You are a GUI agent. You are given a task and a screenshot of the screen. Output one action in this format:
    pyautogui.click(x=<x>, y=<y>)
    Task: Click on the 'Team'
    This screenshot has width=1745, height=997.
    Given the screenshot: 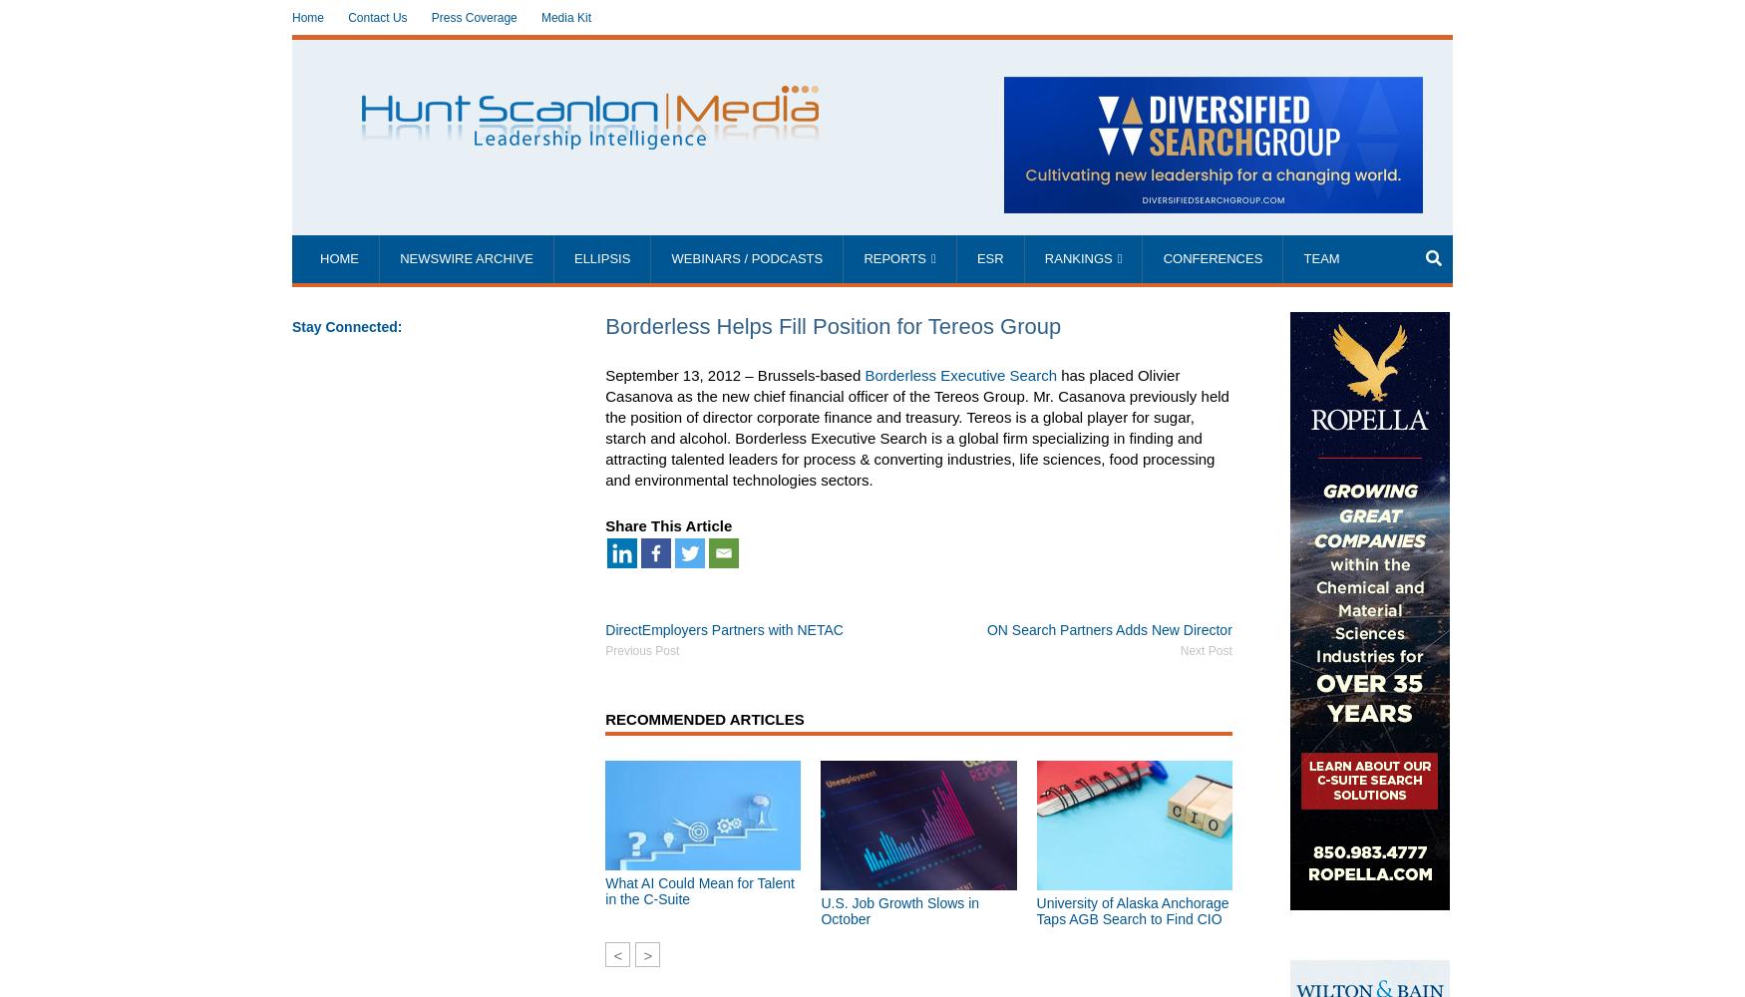 What is the action you would take?
    pyautogui.click(x=1320, y=258)
    